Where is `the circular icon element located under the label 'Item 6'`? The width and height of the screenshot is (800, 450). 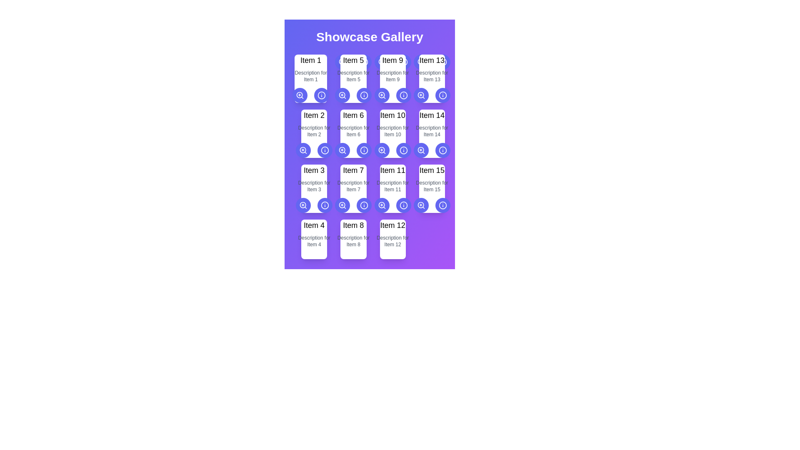 the circular icon element located under the label 'Item 6' is located at coordinates (325, 150).